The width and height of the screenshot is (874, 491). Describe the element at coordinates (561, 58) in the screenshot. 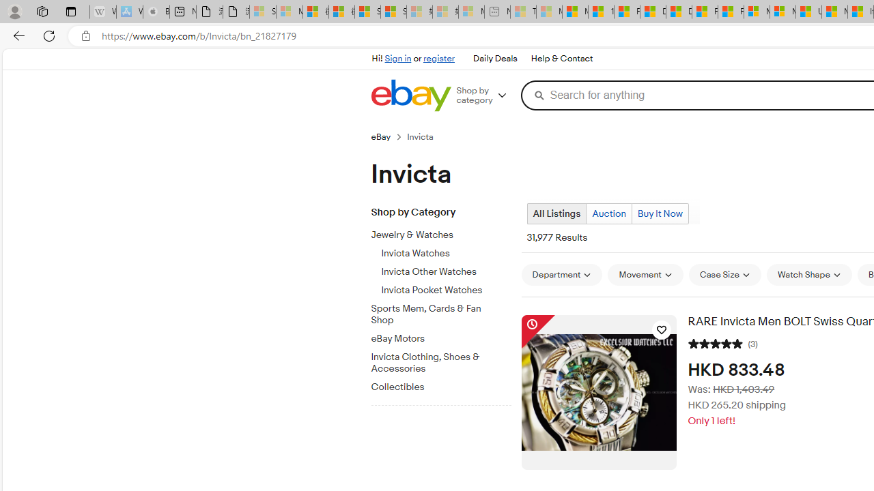

I see `'Help & Contact'` at that location.